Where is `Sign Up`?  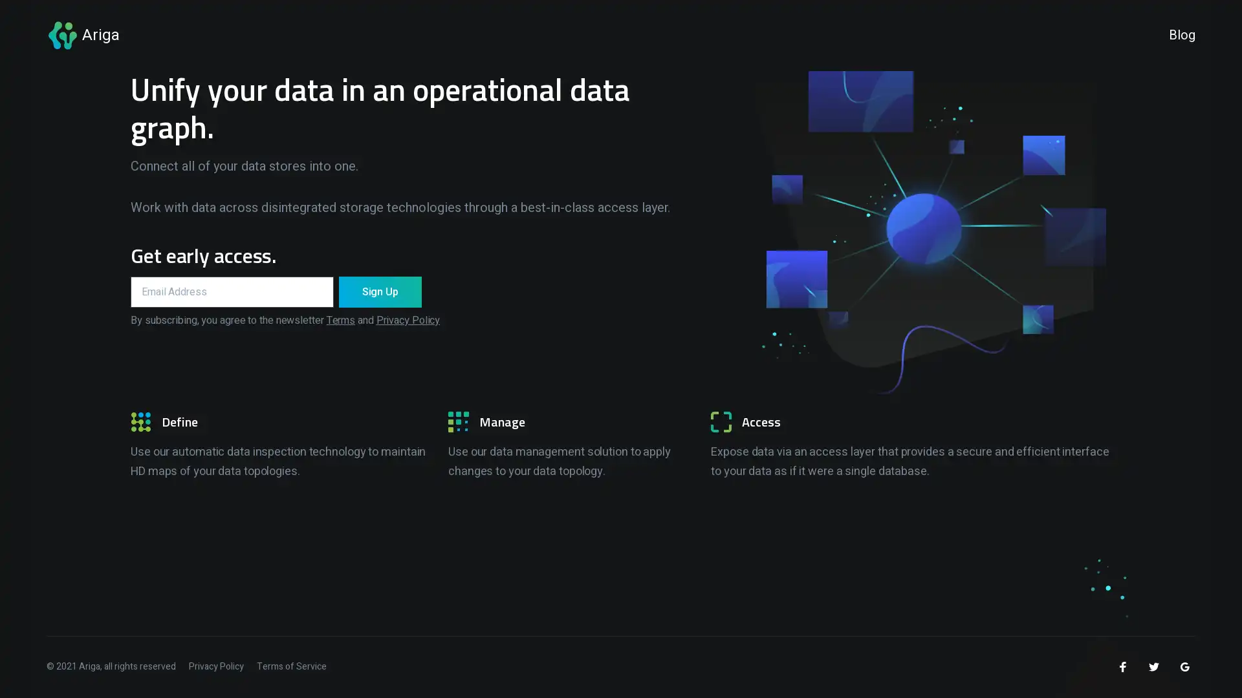
Sign Up is located at coordinates (379, 291).